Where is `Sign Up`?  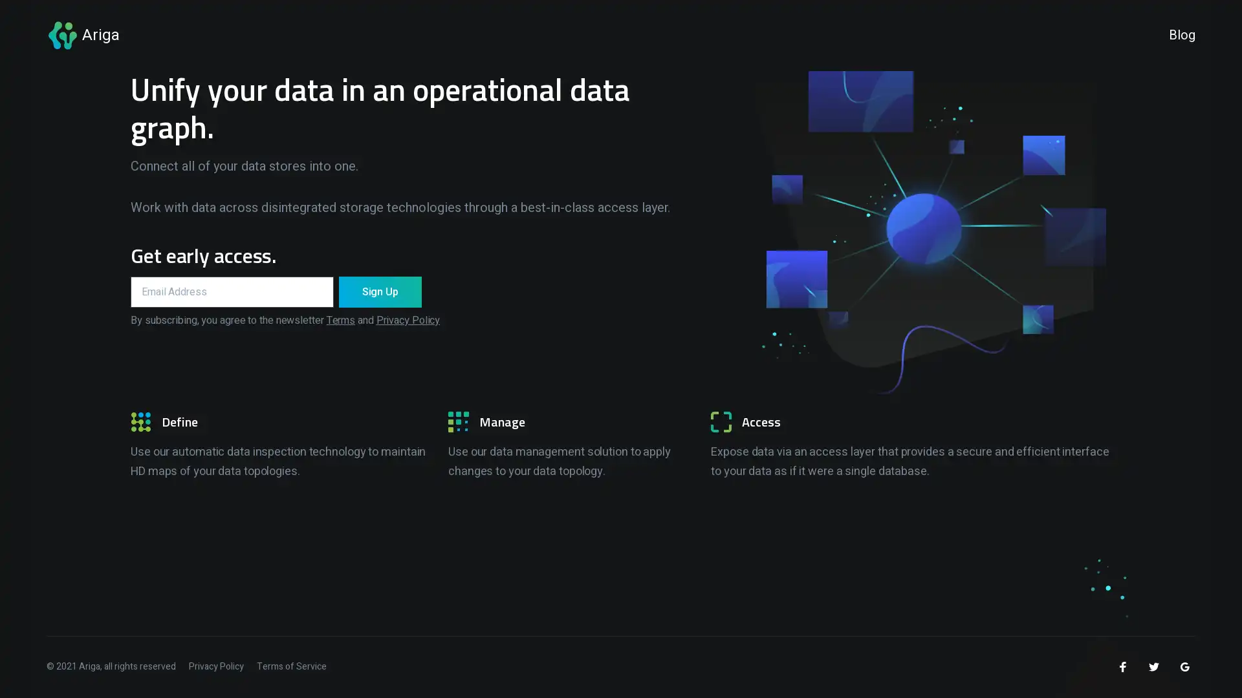
Sign Up is located at coordinates (379, 291).